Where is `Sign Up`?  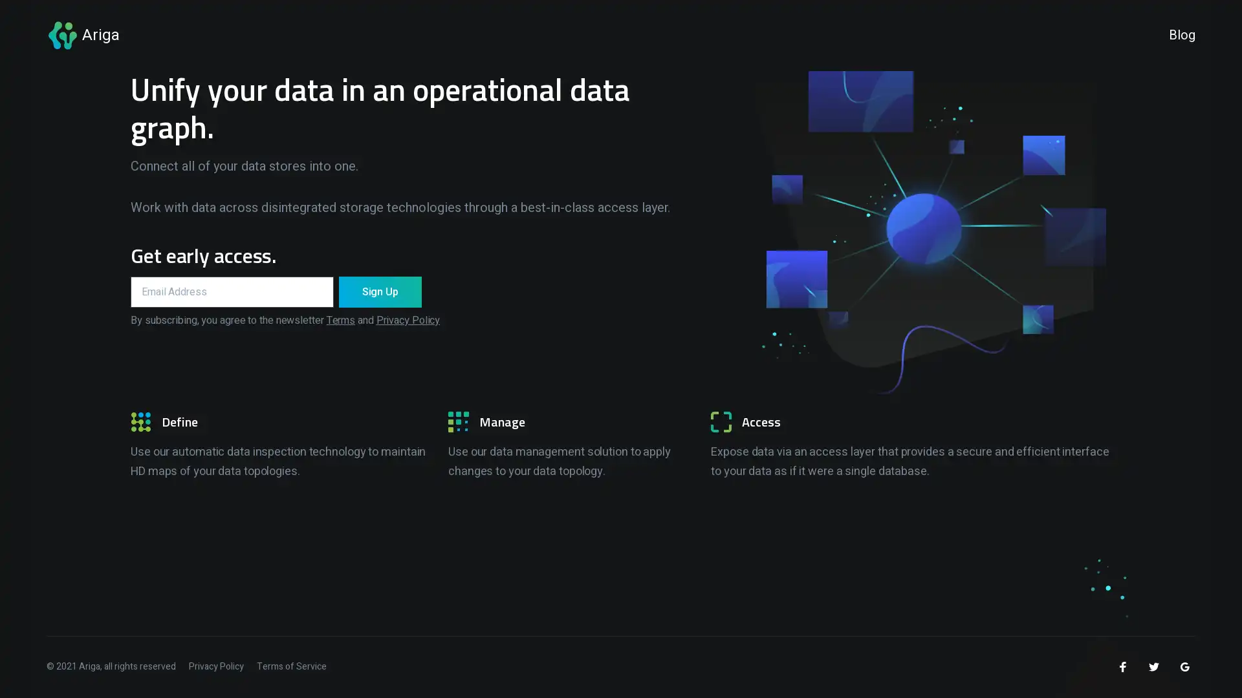
Sign Up is located at coordinates (379, 291).